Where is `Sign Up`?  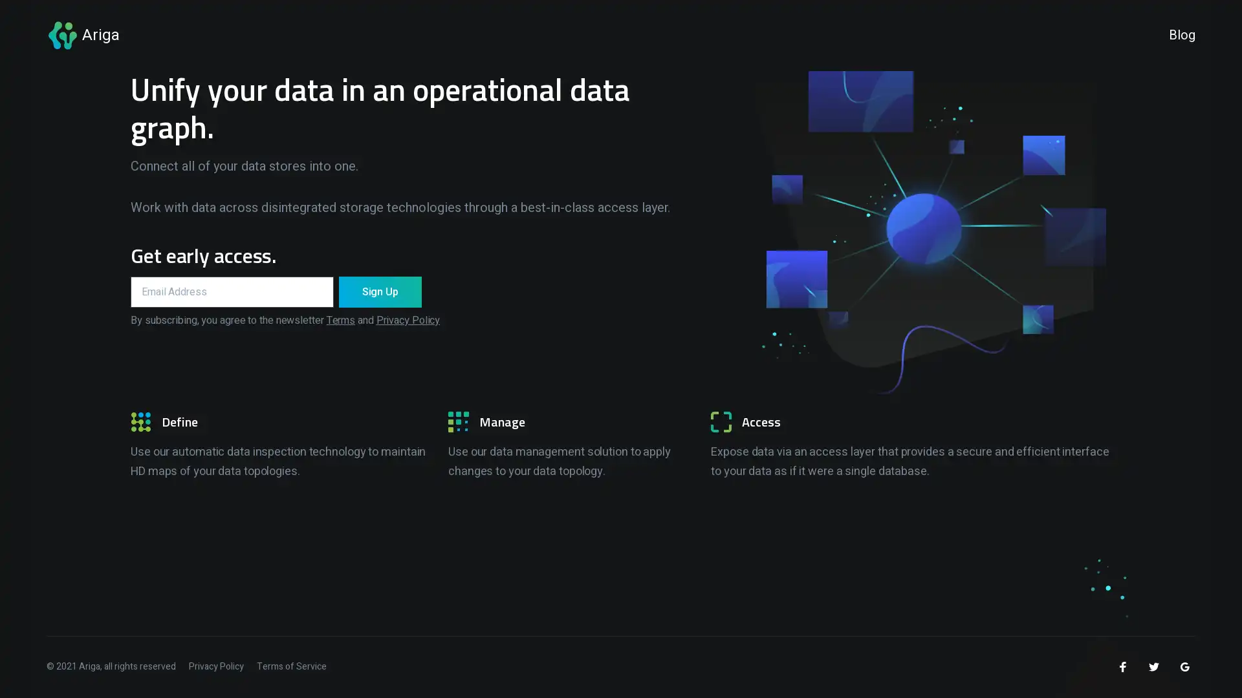
Sign Up is located at coordinates (379, 291).